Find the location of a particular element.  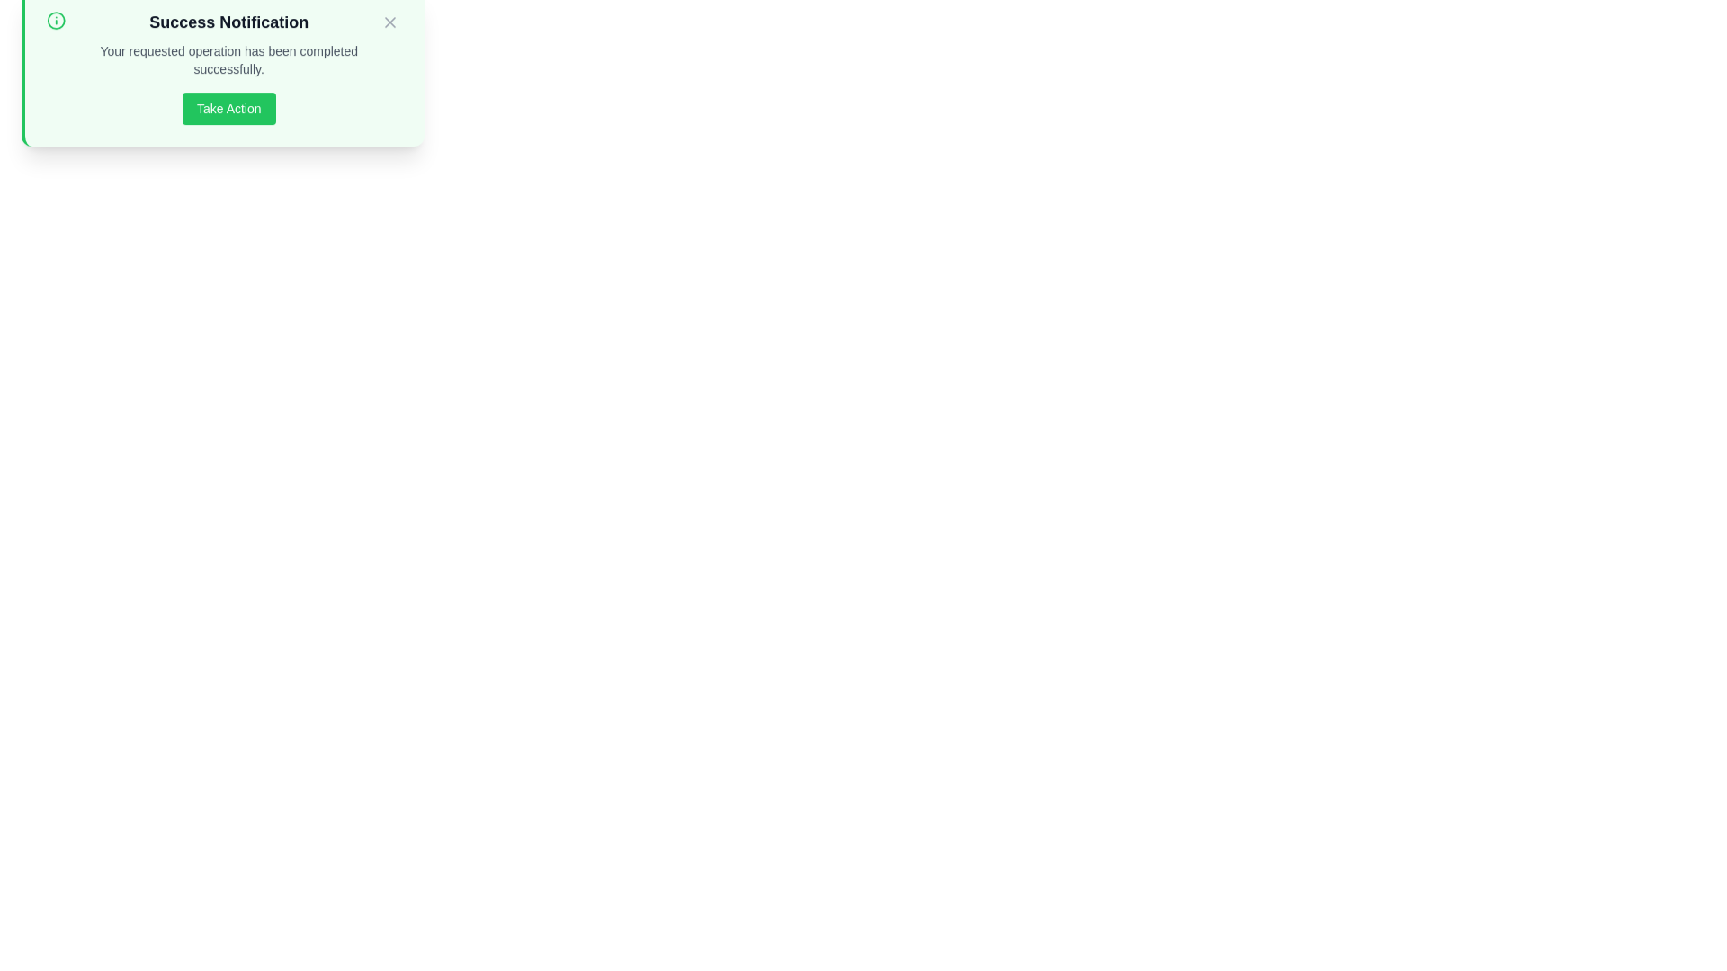

the 'Take Action' button to observe hover effects is located at coordinates (228, 126).